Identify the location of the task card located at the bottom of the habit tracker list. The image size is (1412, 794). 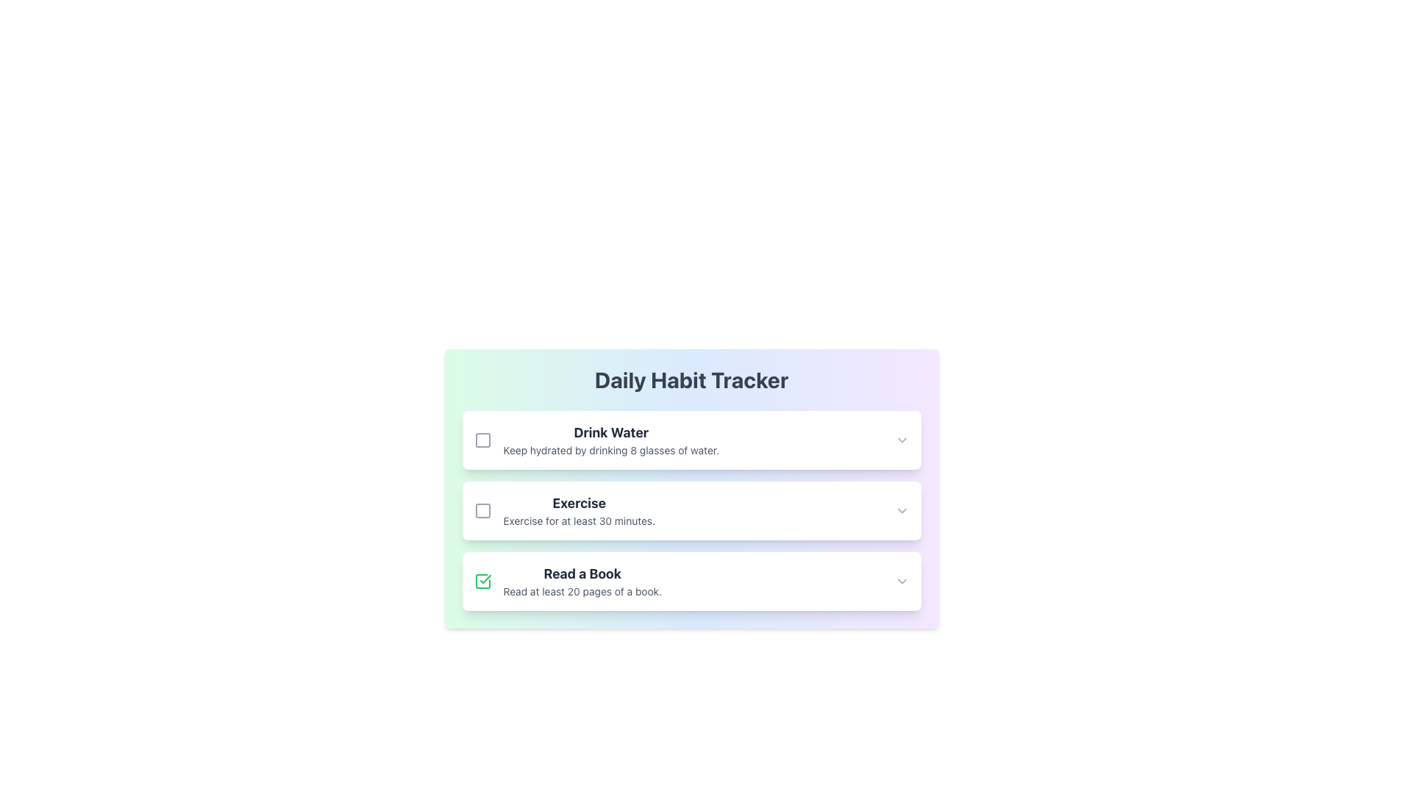
(691, 580).